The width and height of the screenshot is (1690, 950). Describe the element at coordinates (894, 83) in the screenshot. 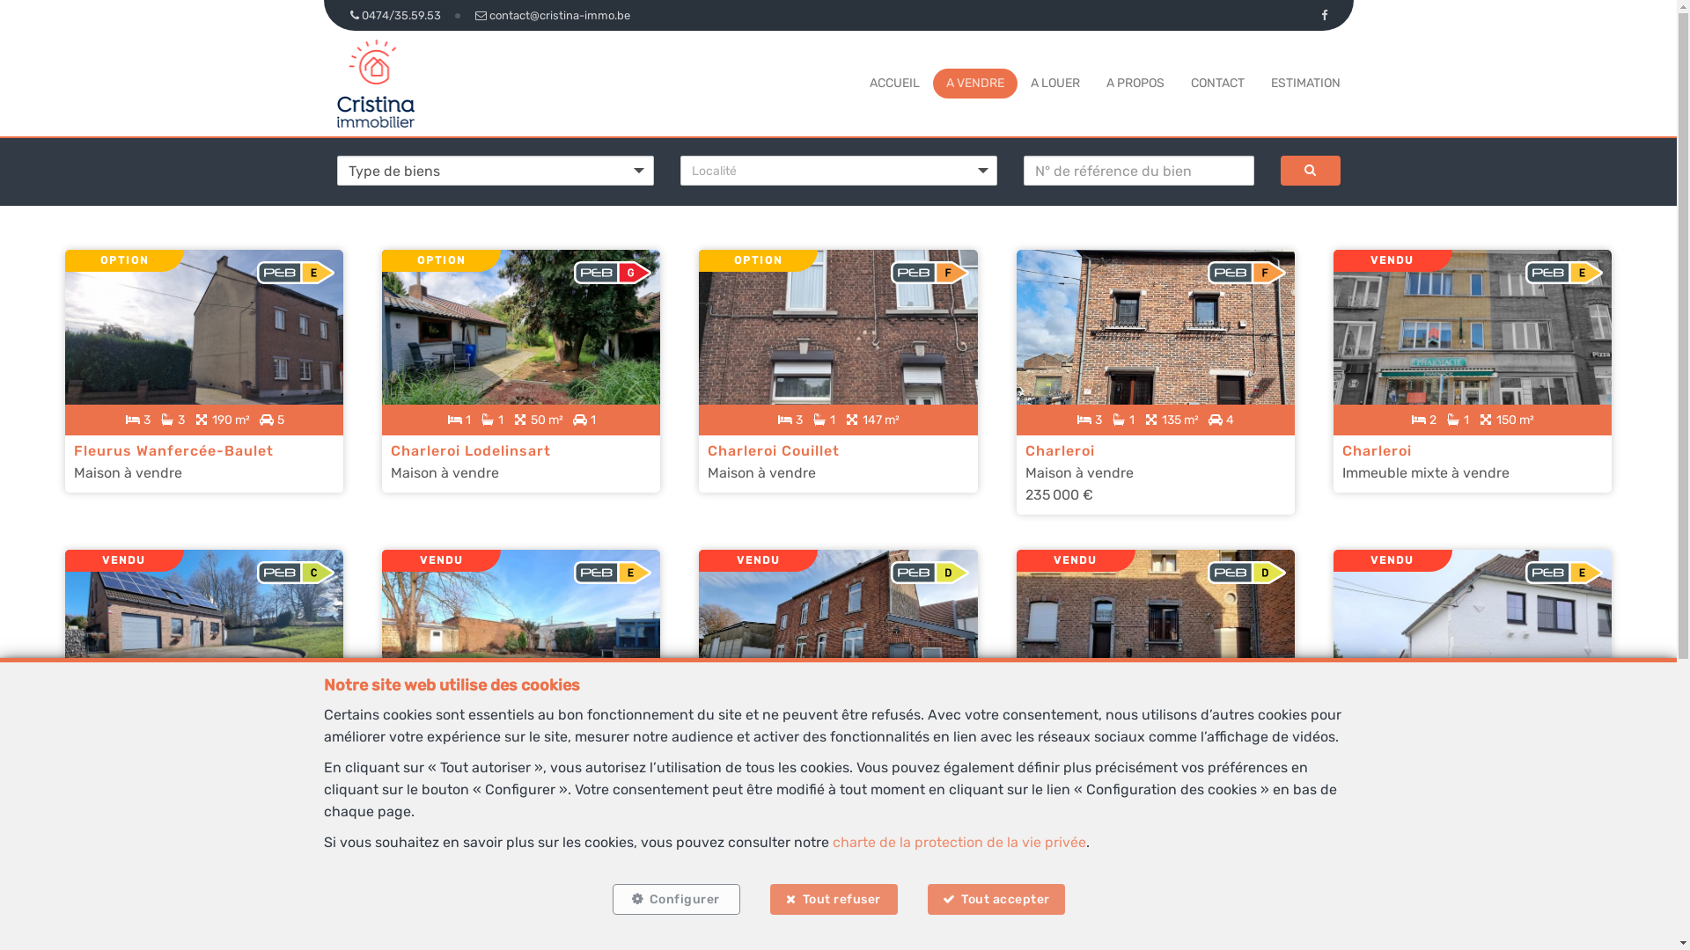

I see `'ACCUEIL'` at that location.